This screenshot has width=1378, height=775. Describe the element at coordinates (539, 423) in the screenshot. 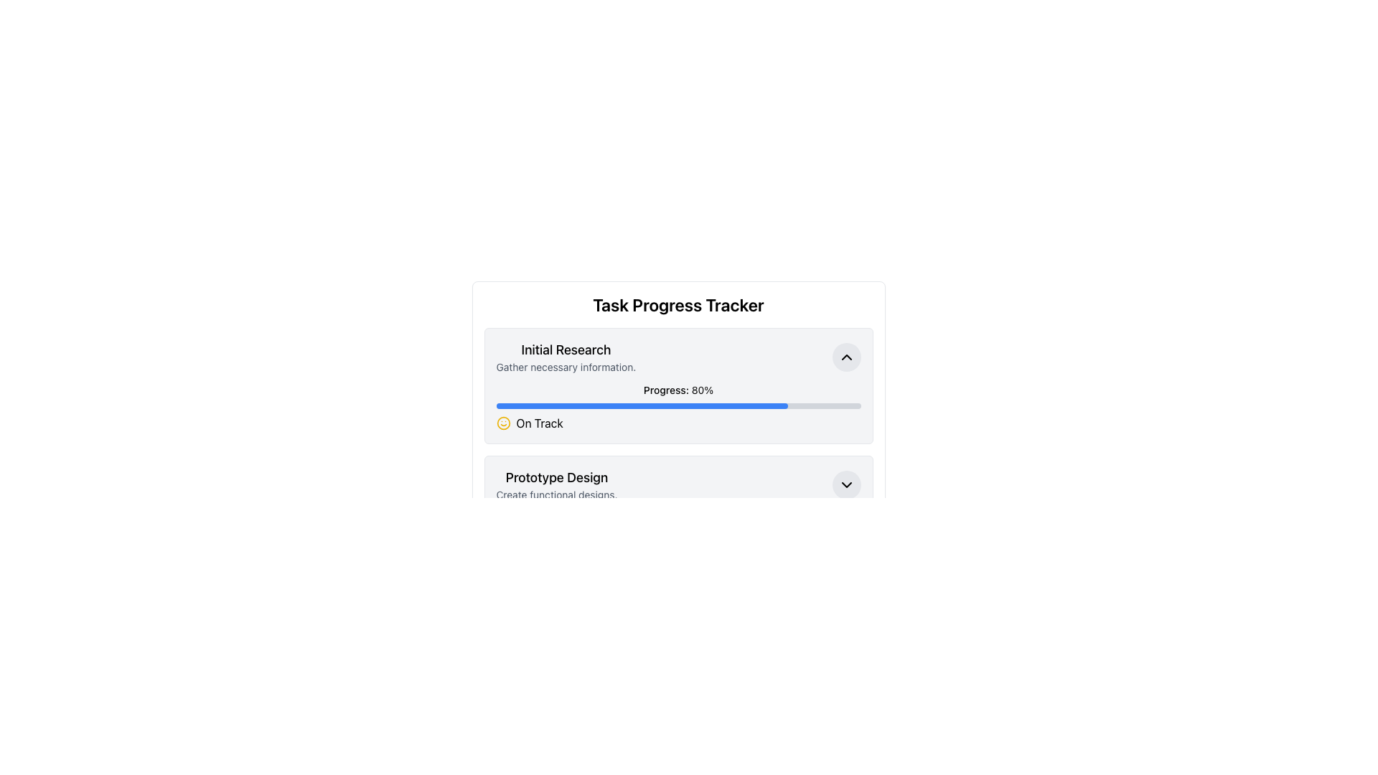

I see `and interpret the 'On Track' text label located to the right of the yellow smiling face icon in the task progress section for 'Initial Research.'` at that location.